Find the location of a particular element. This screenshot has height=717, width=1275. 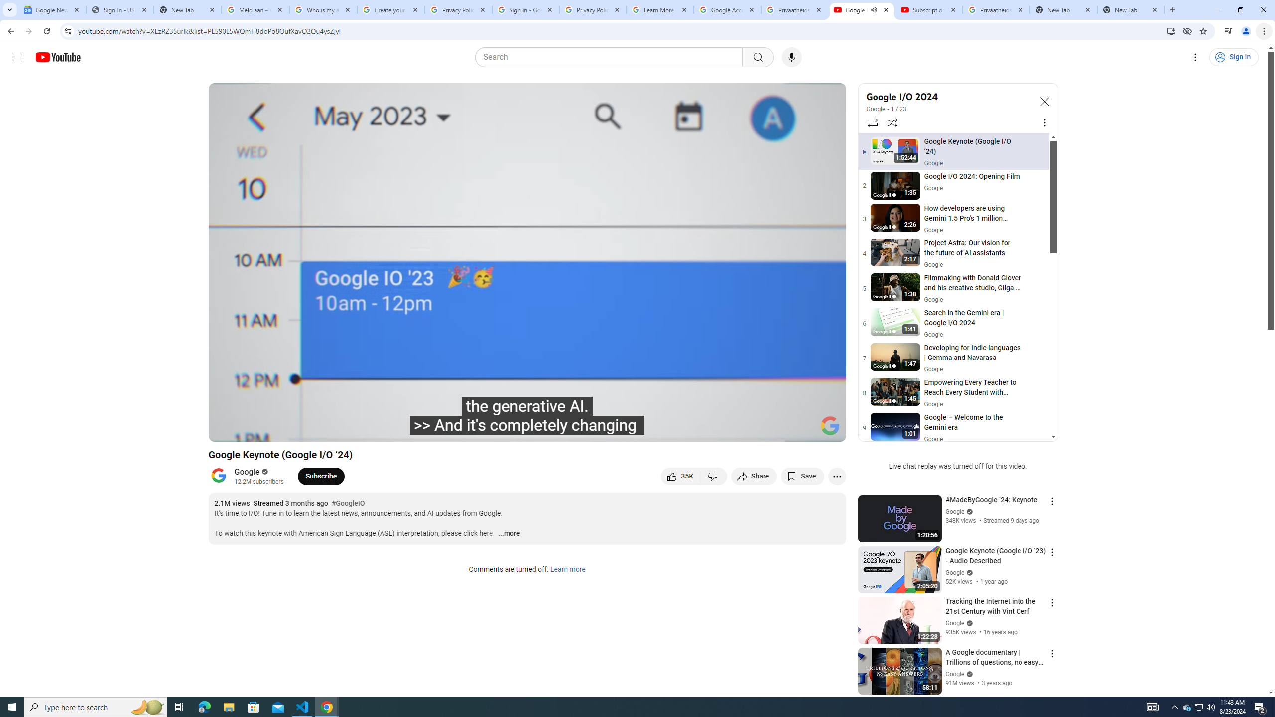

'Google News' is located at coordinates (51, 9).